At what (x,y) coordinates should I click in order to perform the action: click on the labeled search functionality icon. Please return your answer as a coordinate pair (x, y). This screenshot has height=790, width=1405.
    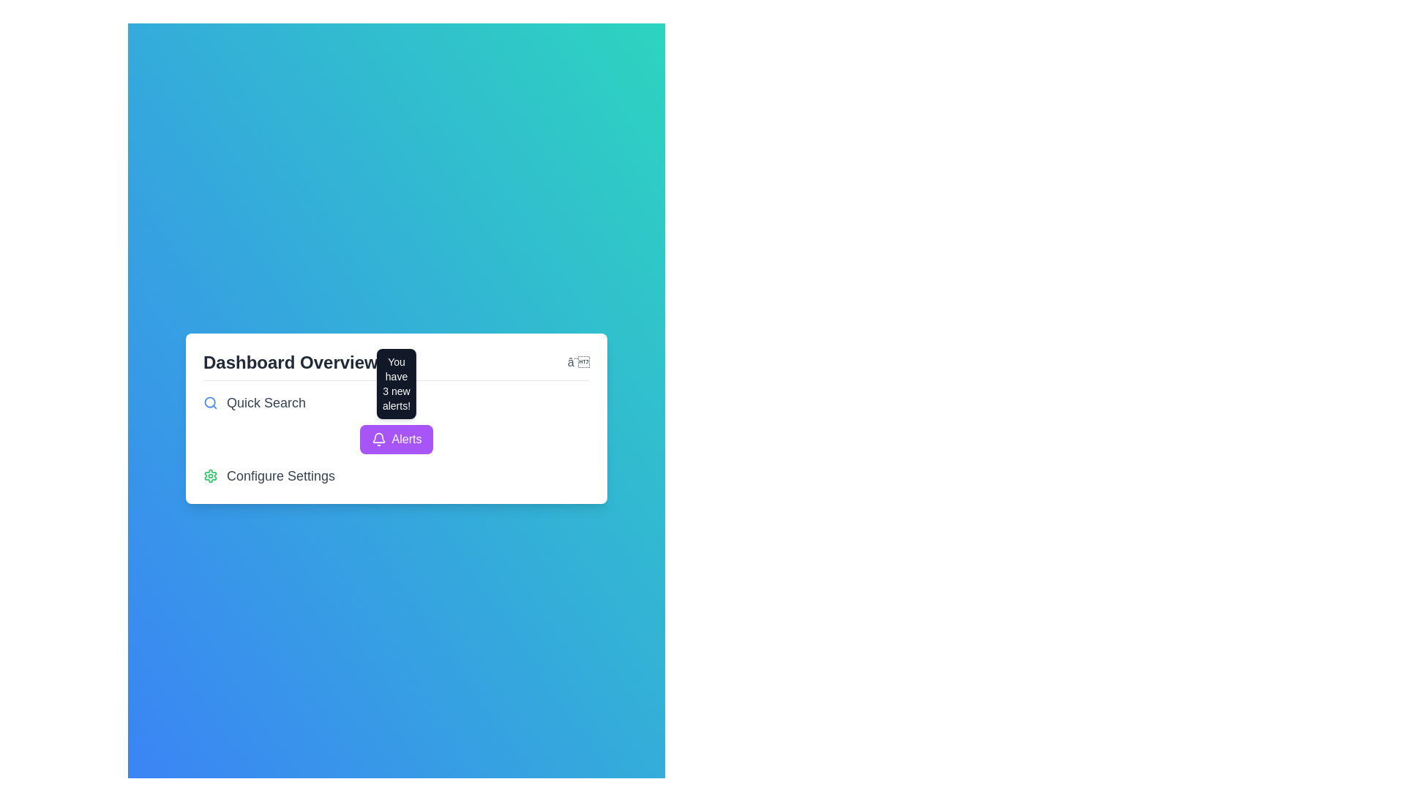
    Looking at the image, I should click on (397, 402).